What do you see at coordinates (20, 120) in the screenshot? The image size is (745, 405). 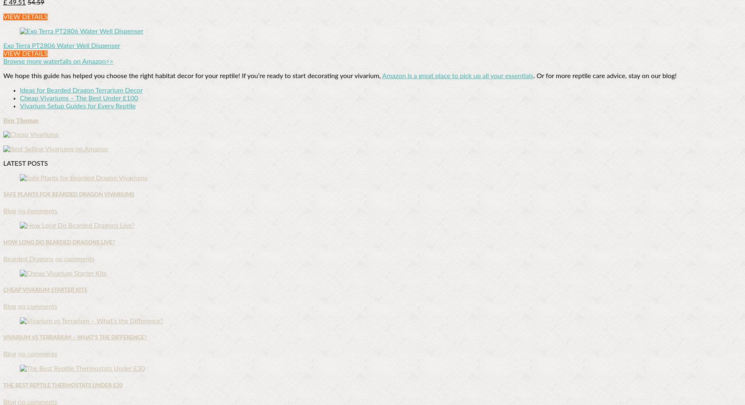 I see `'Ben Thomas'` at bounding box center [20, 120].